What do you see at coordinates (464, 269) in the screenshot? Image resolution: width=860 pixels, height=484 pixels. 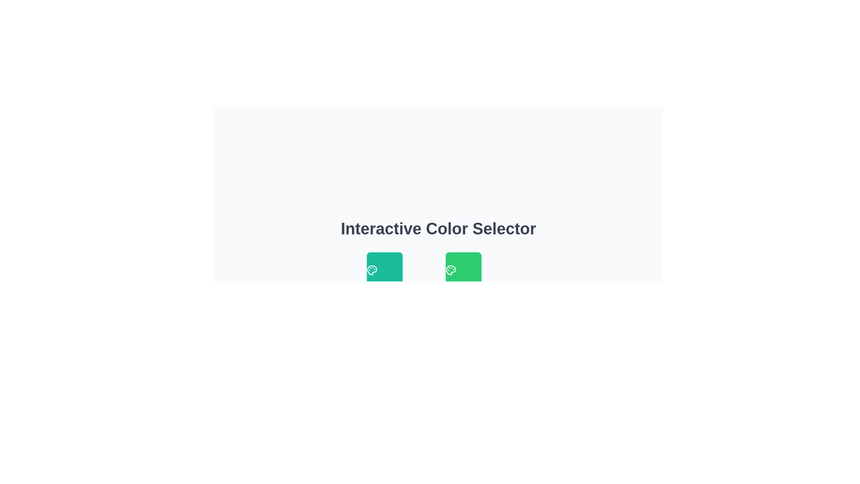 I see `the second button in the top row of the color selection interface` at bounding box center [464, 269].